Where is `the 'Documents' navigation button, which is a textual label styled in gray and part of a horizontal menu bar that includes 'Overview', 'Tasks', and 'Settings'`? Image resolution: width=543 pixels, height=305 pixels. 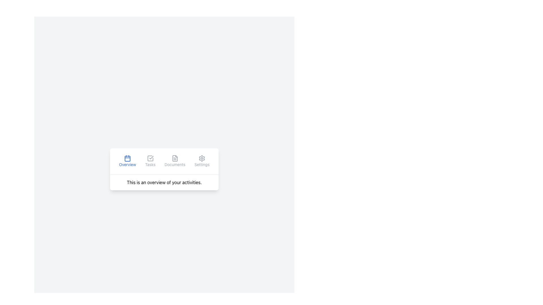
the 'Documents' navigation button, which is a textual label styled in gray and part of a horizontal menu bar that includes 'Overview', 'Tasks', and 'Settings' is located at coordinates (174, 164).